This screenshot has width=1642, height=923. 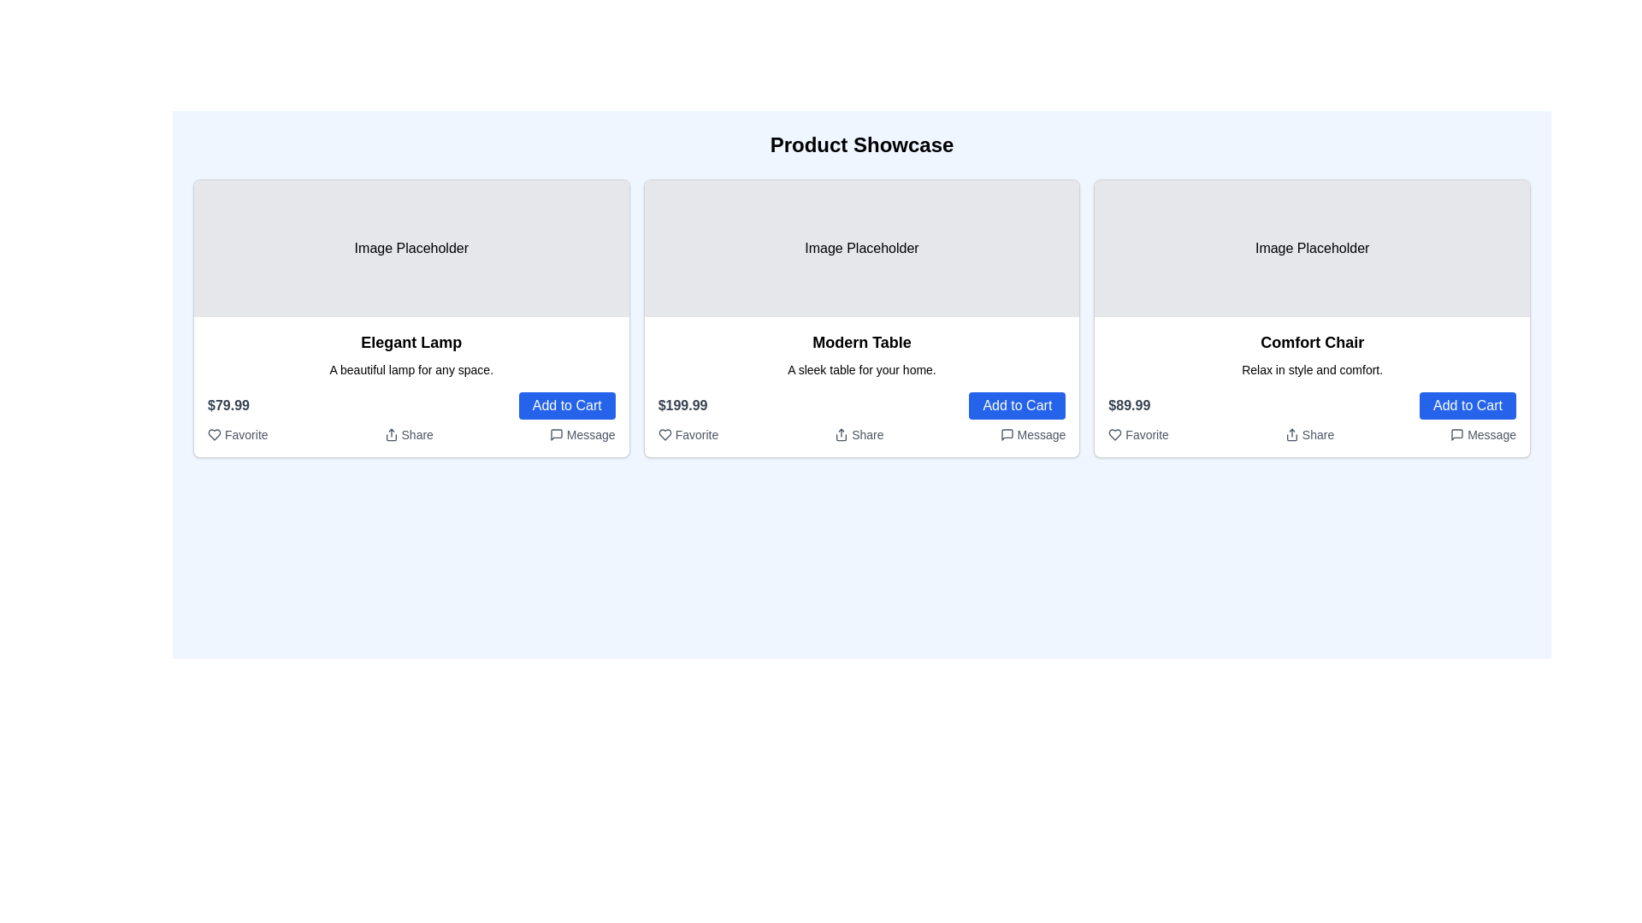 What do you see at coordinates (1311, 248) in the screenshot?
I see `the text label displaying 'Image Placeholder' in dark gray, located in the upper section of the third product card labeled 'Comfort Chair'` at bounding box center [1311, 248].